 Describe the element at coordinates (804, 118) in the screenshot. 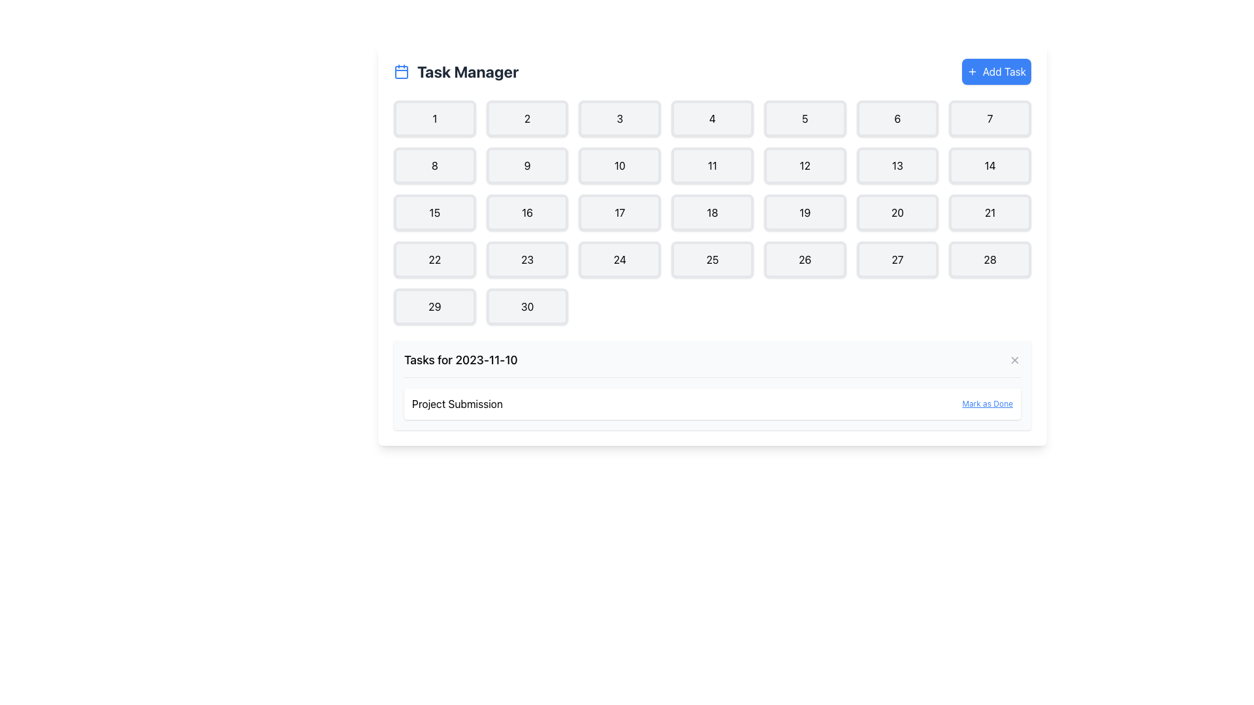

I see `the button displaying the number '5' with a gray background in the calendar grid` at that location.